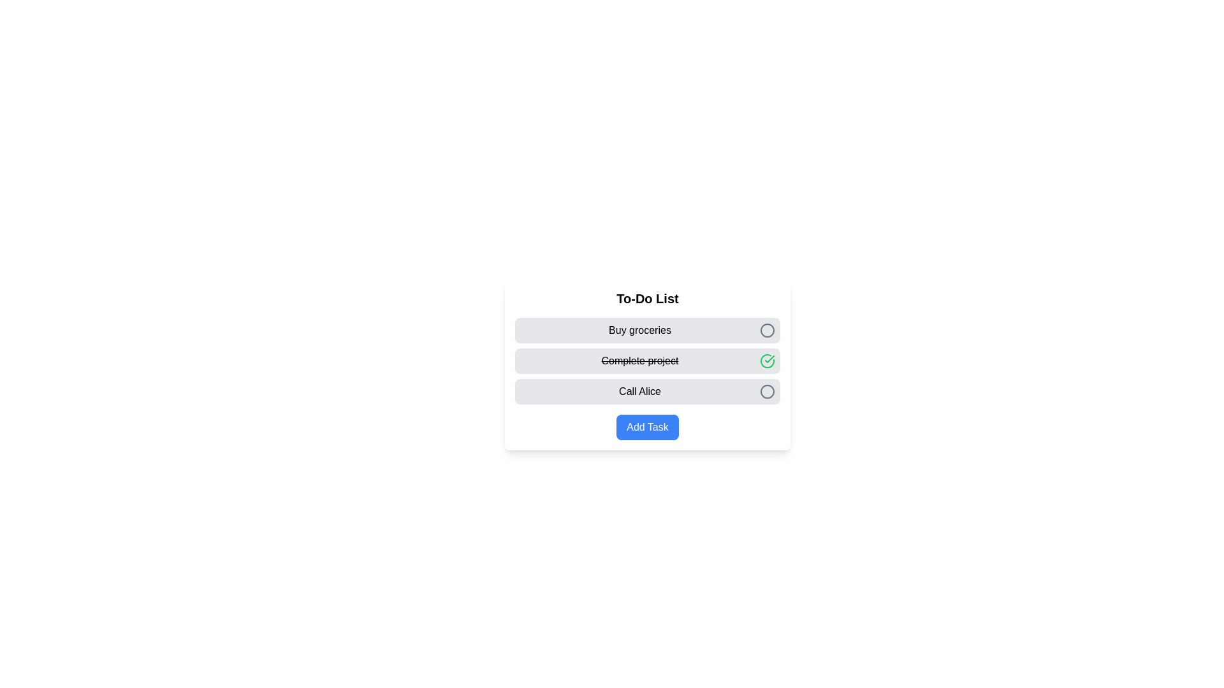 The width and height of the screenshot is (1224, 688). I want to click on the second task item in the to-do list, so click(648, 365).